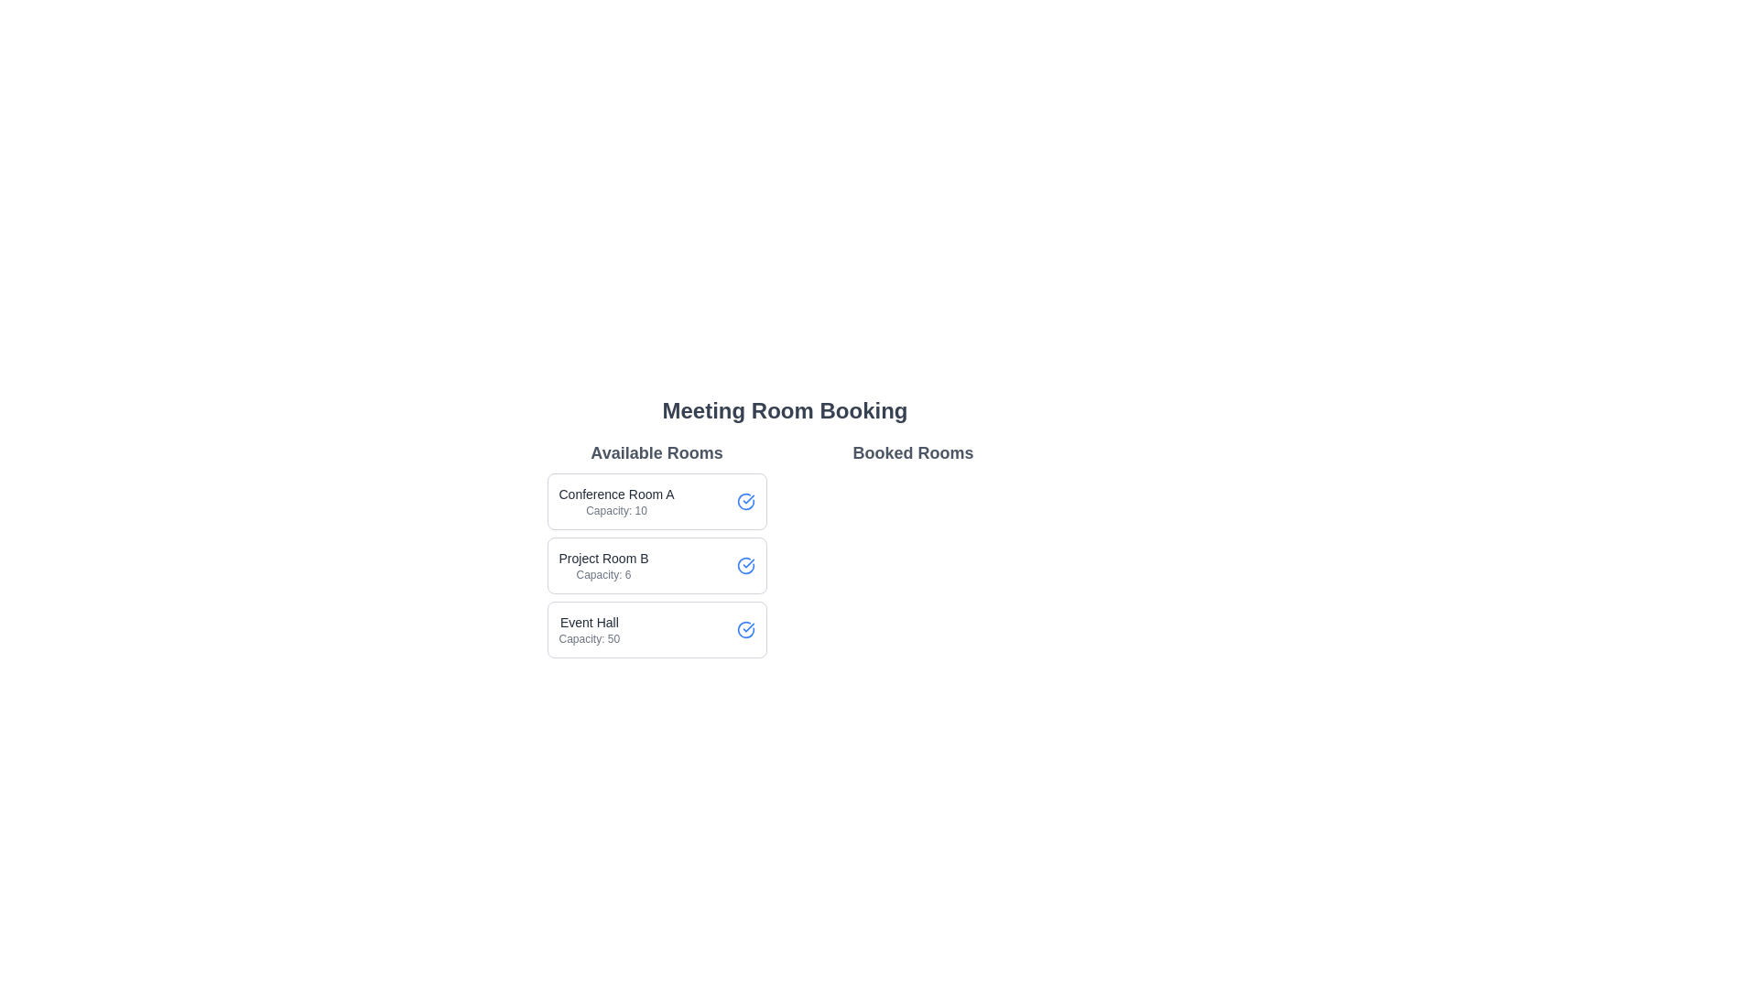 This screenshot has height=989, width=1758. I want to click on capacity information displayed in the text label for 'Project Room B', which indicates the maximum number of people that room can accommodate, so click(603, 574).